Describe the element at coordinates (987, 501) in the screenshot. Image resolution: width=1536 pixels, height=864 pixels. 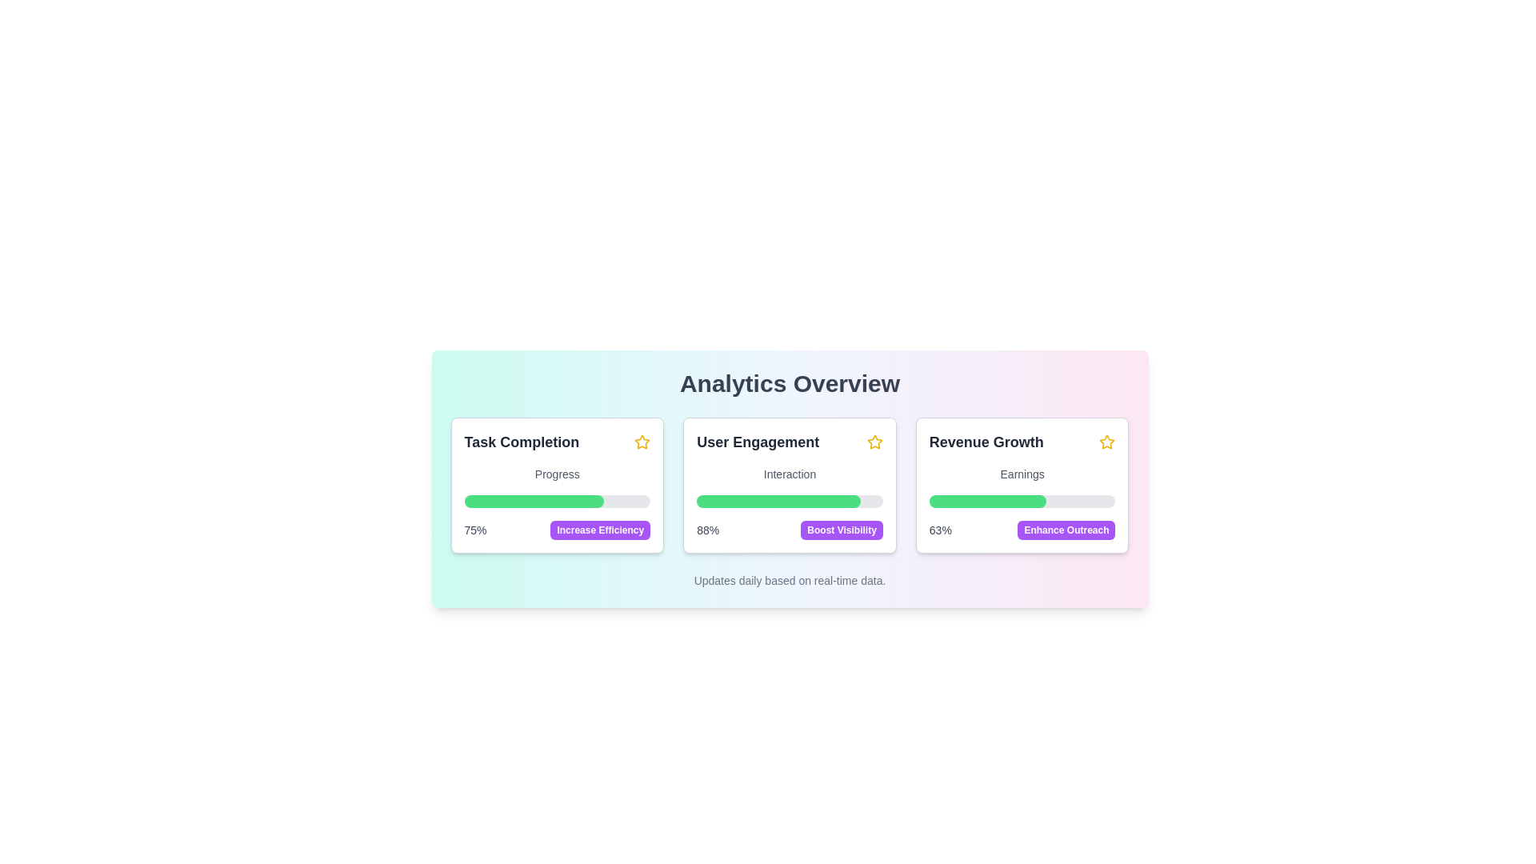
I see `the progress bar that visually represents the revenue growth percentage, located centrally within the 'Revenue Growth' card, above the percentage text` at that location.